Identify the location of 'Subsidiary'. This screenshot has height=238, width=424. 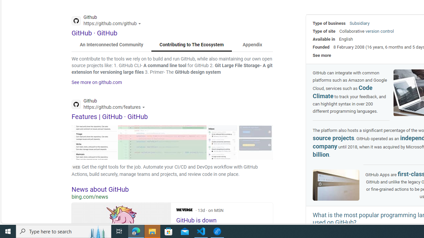
(359, 23).